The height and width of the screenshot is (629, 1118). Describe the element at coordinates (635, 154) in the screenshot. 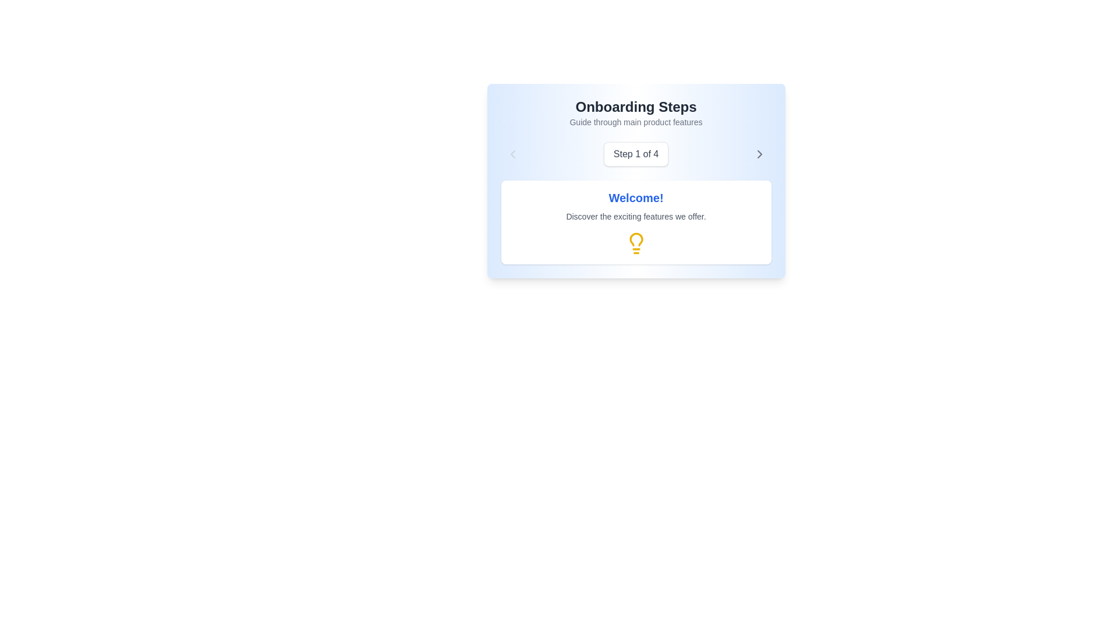

I see `the Label with navigation that displays the user's current step in the multi-step process, located centrally below the title 'Guide through main product features' and above the 'Welcome!' section` at that location.